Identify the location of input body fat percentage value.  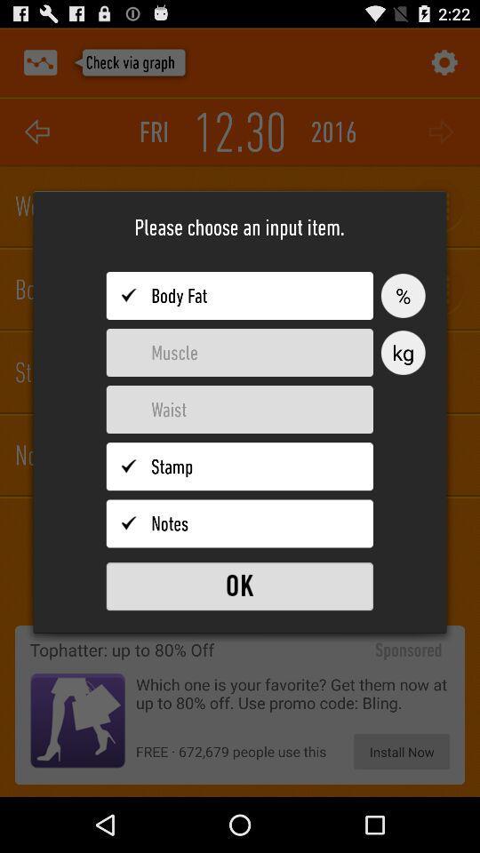
(239, 296).